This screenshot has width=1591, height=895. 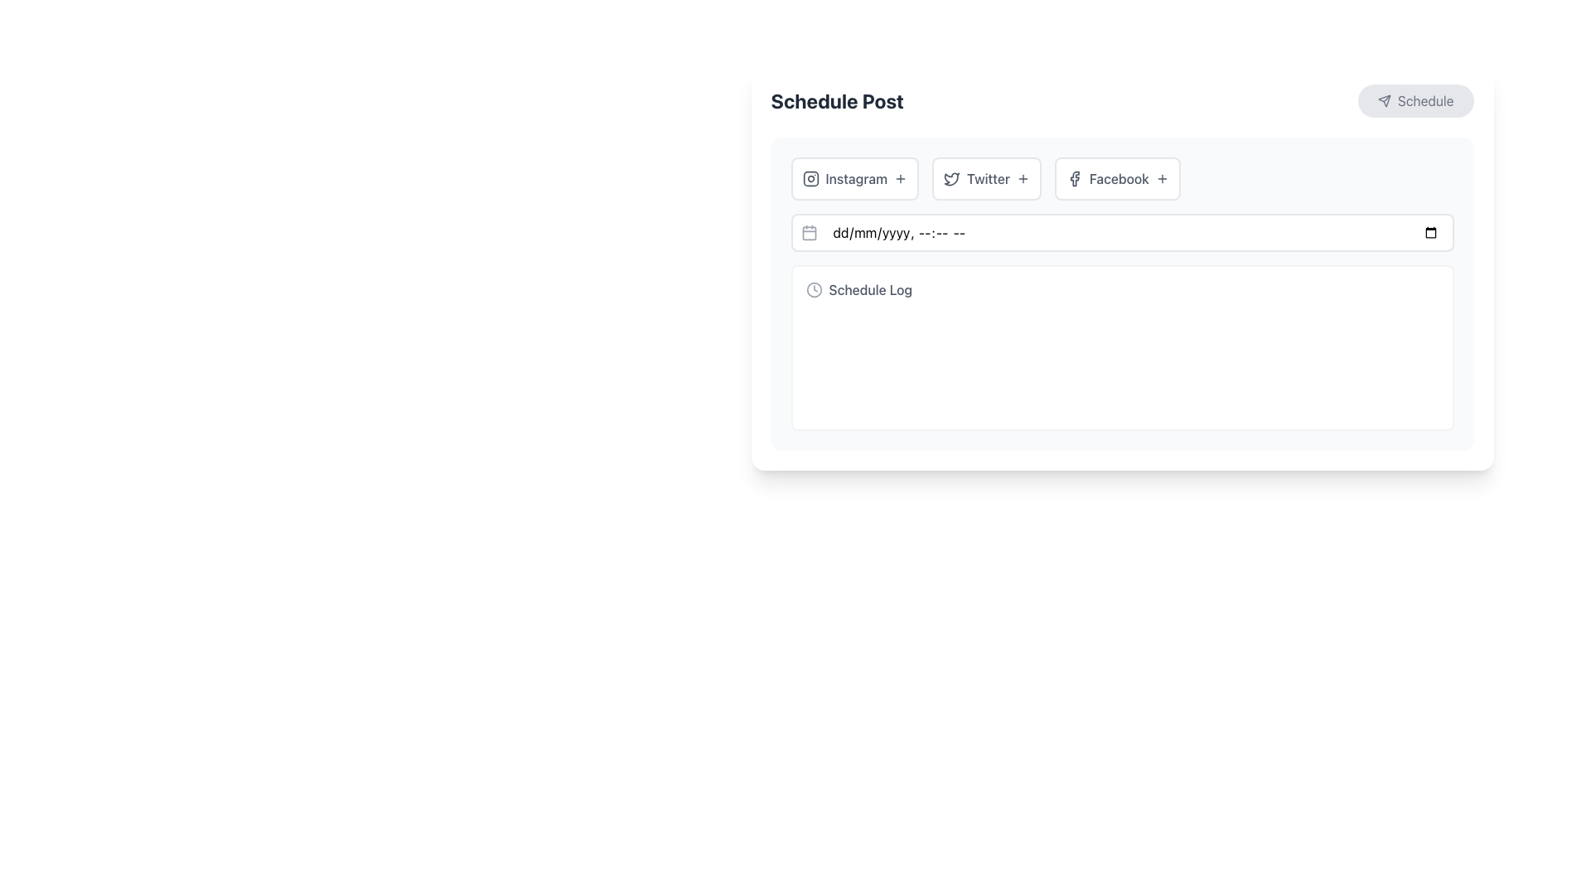 What do you see at coordinates (1384, 101) in the screenshot?
I see `the paper airplane icon located within the 'Schedule' button, positioned at the far right upper corner of the 'Schedule Post' section, to perform a hover action` at bounding box center [1384, 101].